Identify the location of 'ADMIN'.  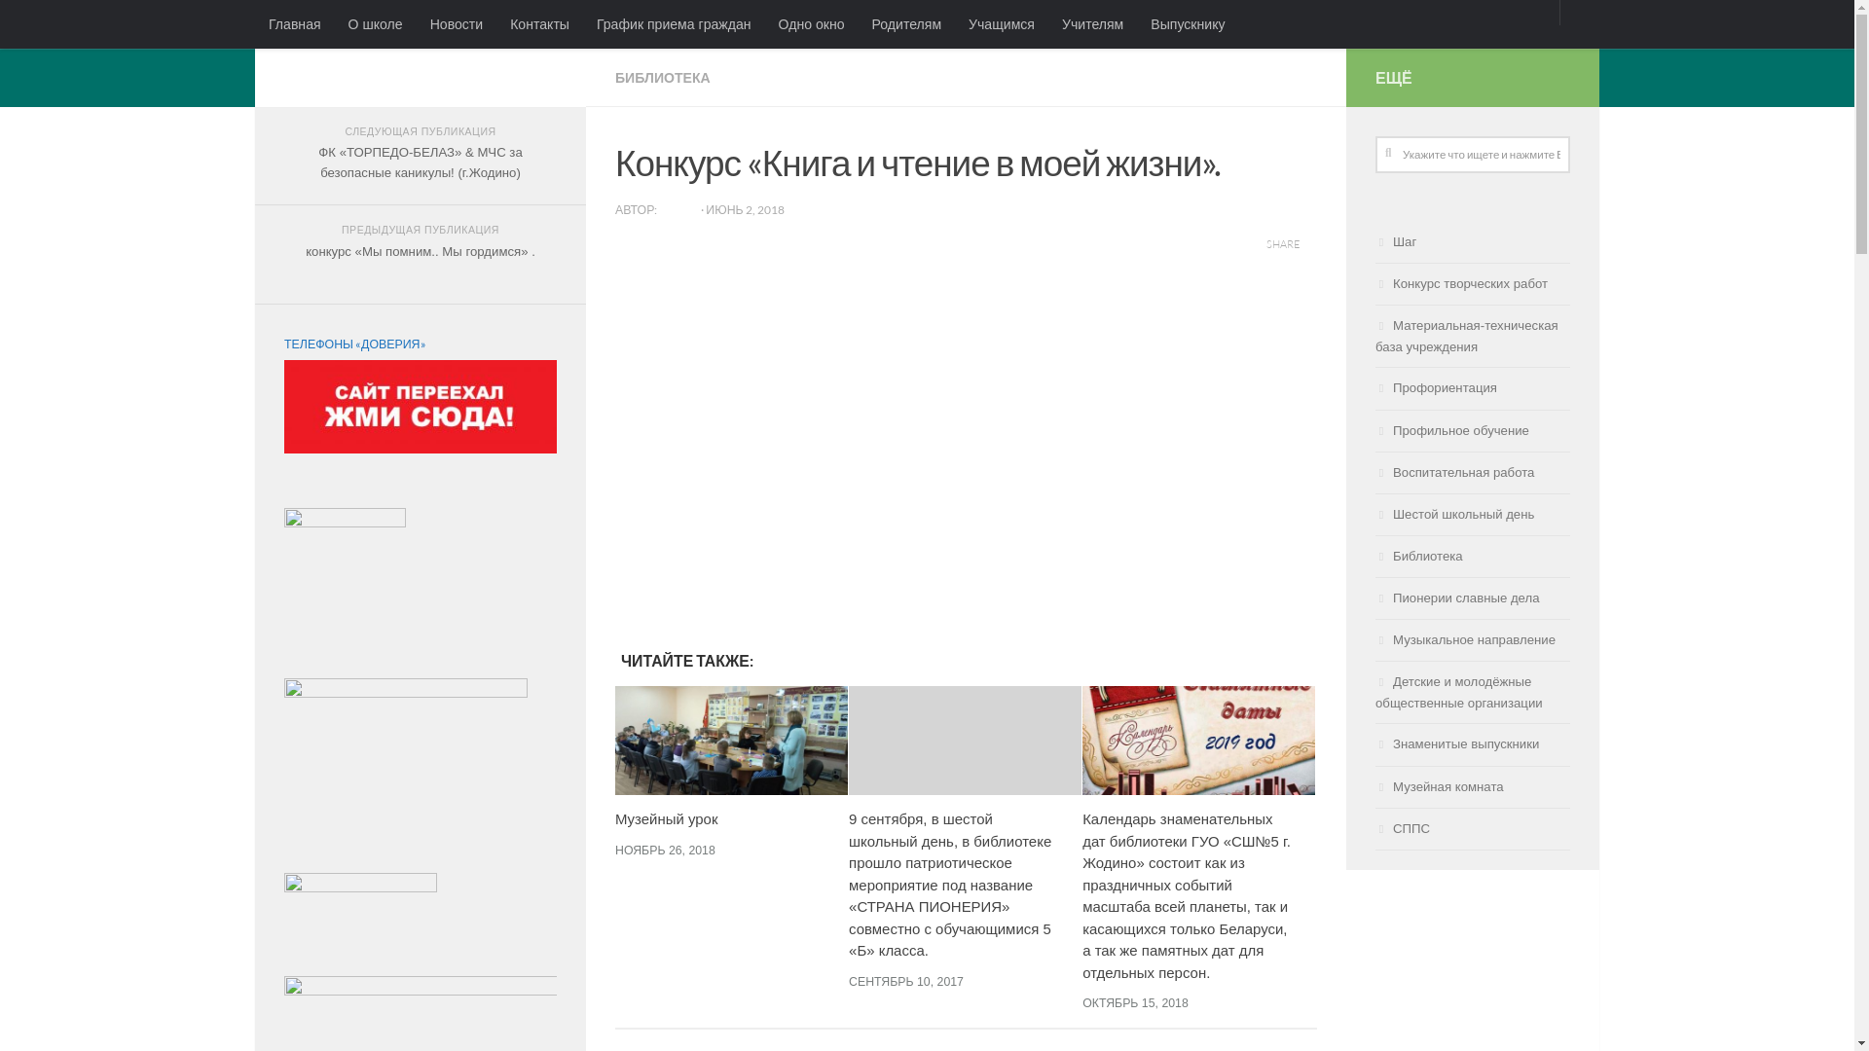
(658, 209).